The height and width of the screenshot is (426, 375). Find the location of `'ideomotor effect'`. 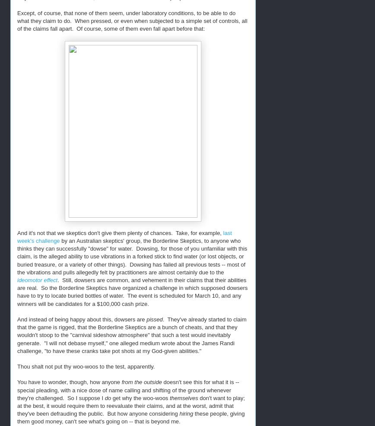

'ideomotor effect' is located at coordinates (37, 280).